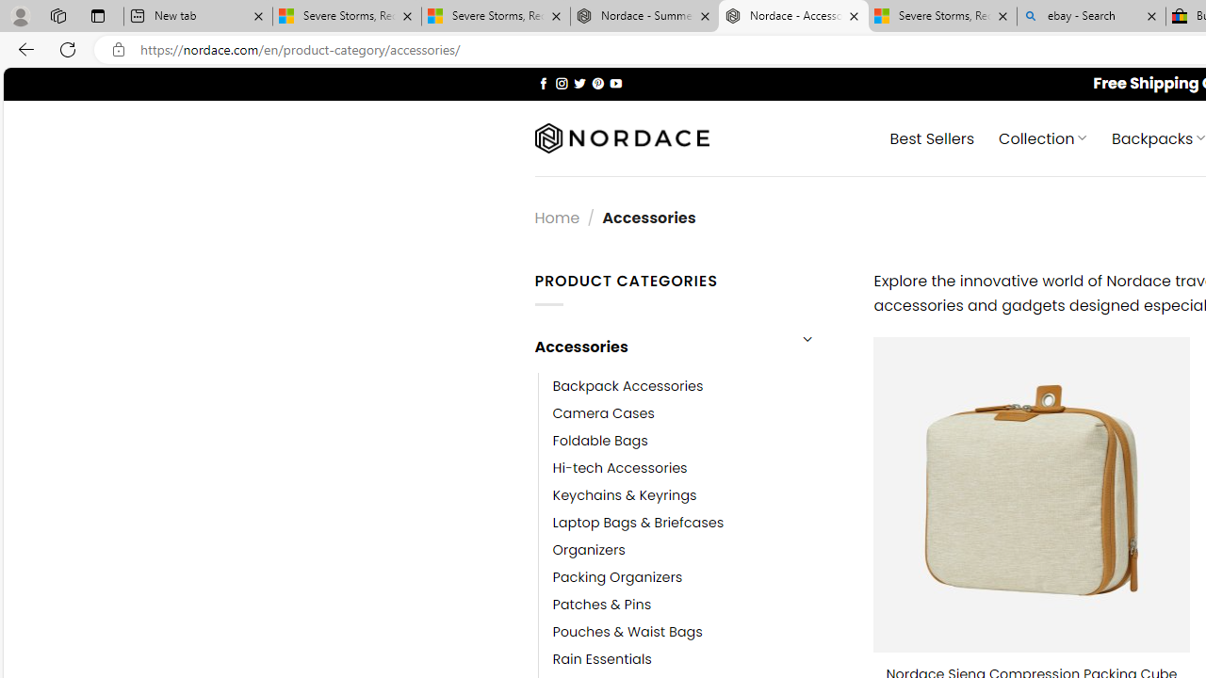  What do you see at coordinates (660, 347) in the screenshot?
I see `'Accessories'` at bounding box center [660, 347].